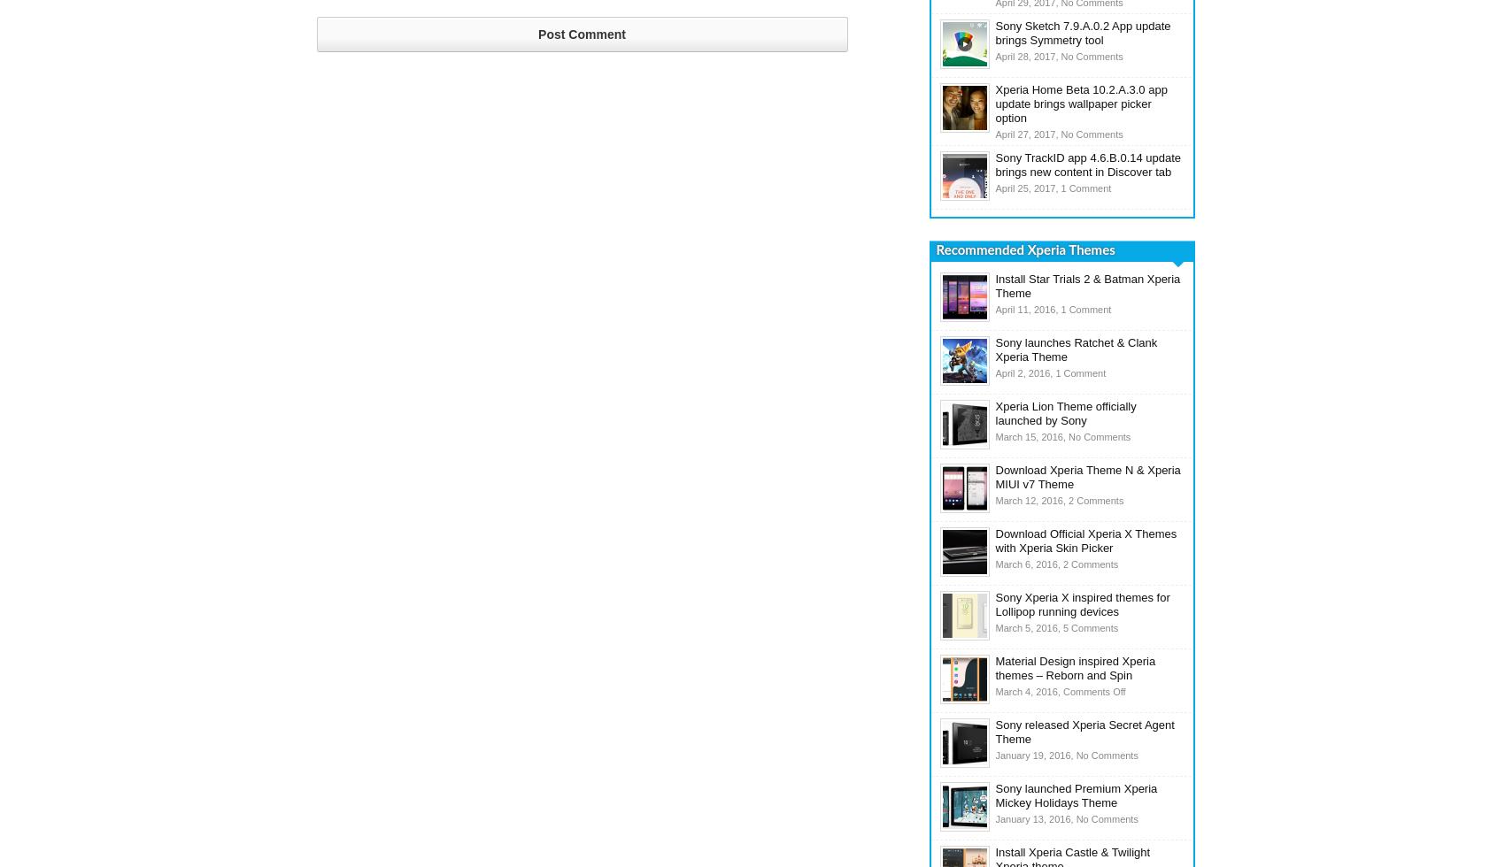 The width and height of the screenshot is (1505, 867). I want to click on 'Comments Off', so click(1092, 692).